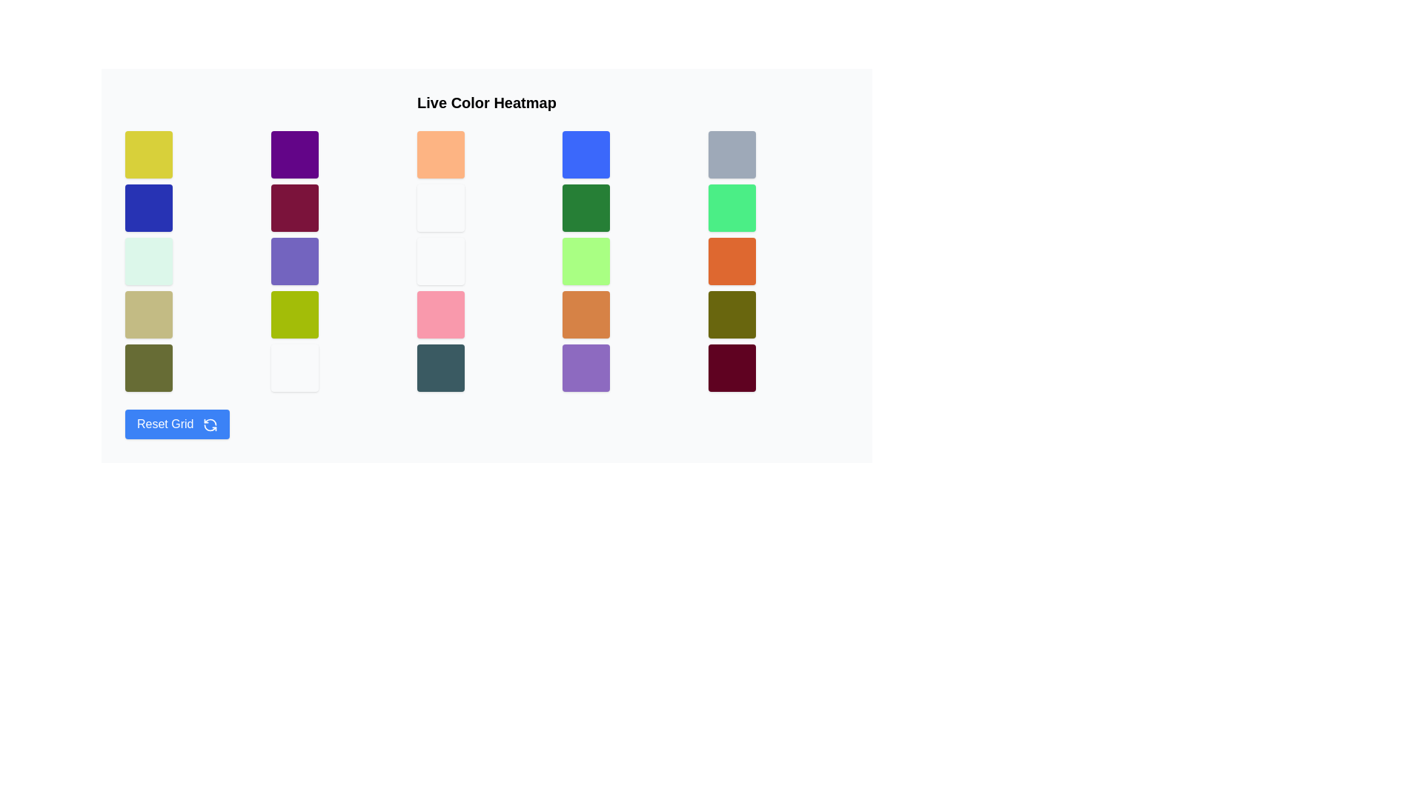 Image resolution: width=1423 pixels, height=800 pixels. I want to click on the Color tile, which is a soft pink square tile with rounded corners located in the fourth row and third column of the grid layout, so click(439, 313).